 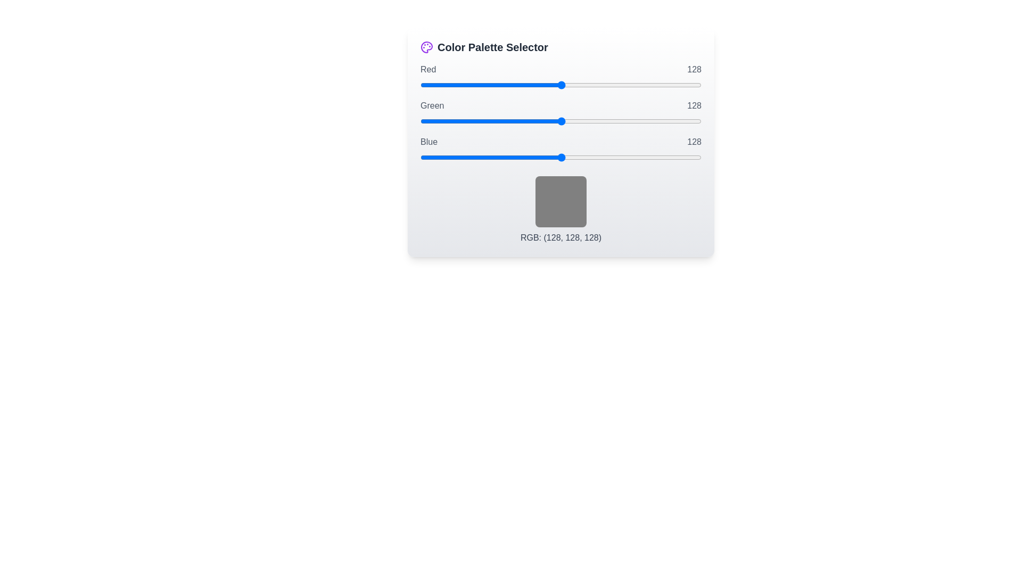 What do you see at coordinates (556, 120) in the screenshot?
I see `the green slider to set its value to 124` at bounding box center [556, 120].